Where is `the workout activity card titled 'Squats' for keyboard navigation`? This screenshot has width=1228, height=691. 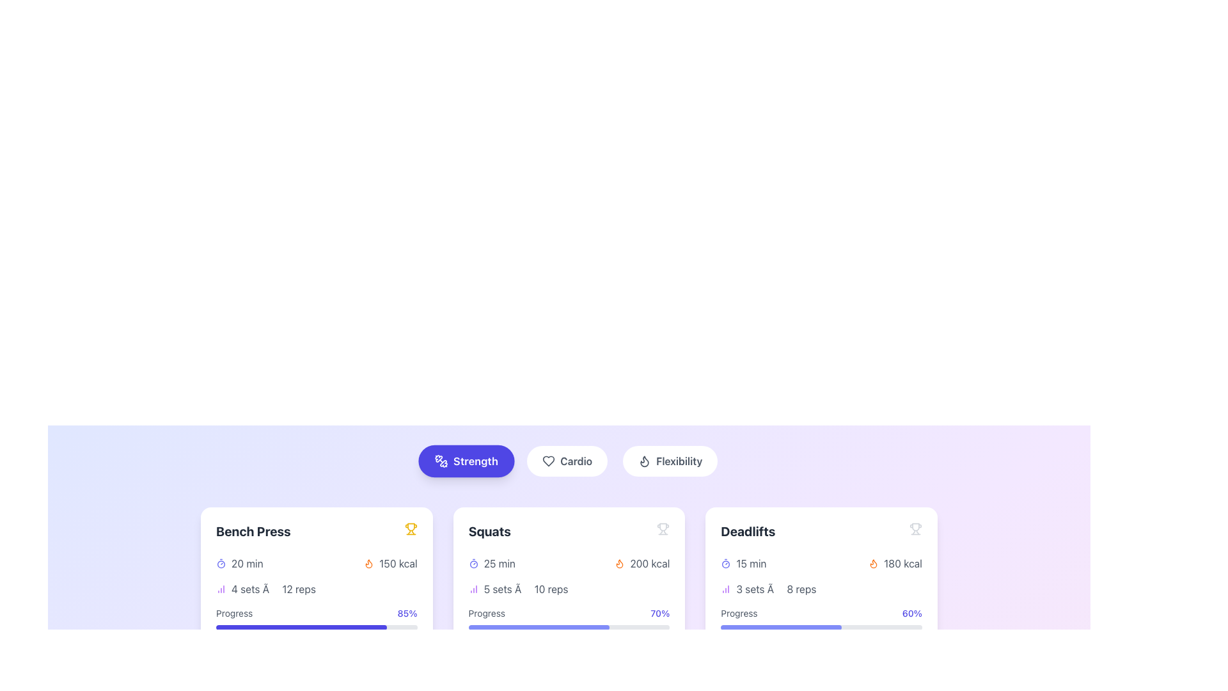
the workout activity card titled 'Squats' for keyboard navigation is located at coordinates (568, 594).